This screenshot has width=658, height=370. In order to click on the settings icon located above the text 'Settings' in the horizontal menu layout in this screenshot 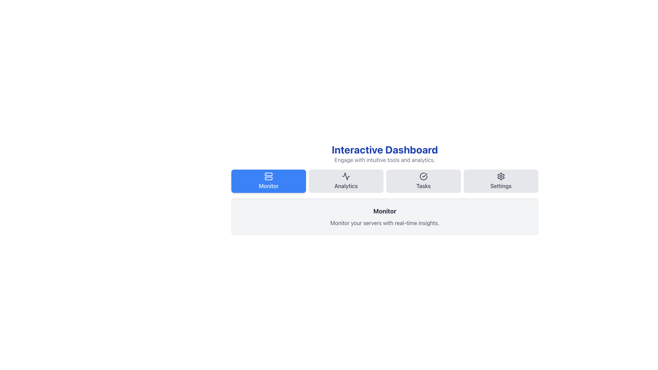, I will do `click(501, 176)`.